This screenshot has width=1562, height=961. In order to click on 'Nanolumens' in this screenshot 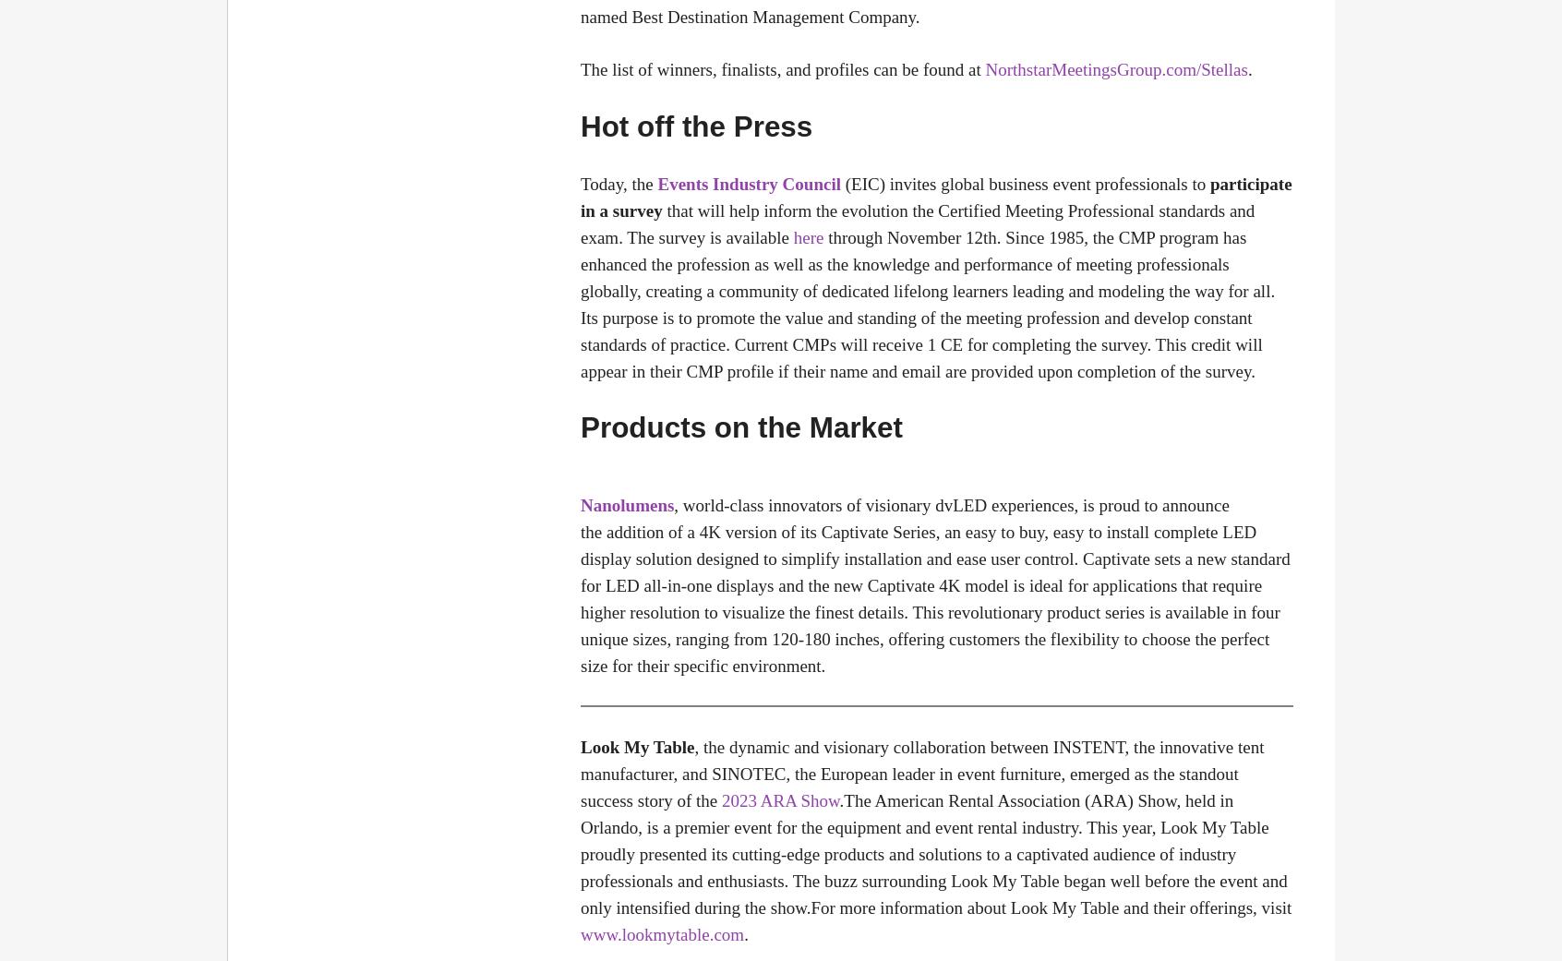, I will do `click(627, 504)`.